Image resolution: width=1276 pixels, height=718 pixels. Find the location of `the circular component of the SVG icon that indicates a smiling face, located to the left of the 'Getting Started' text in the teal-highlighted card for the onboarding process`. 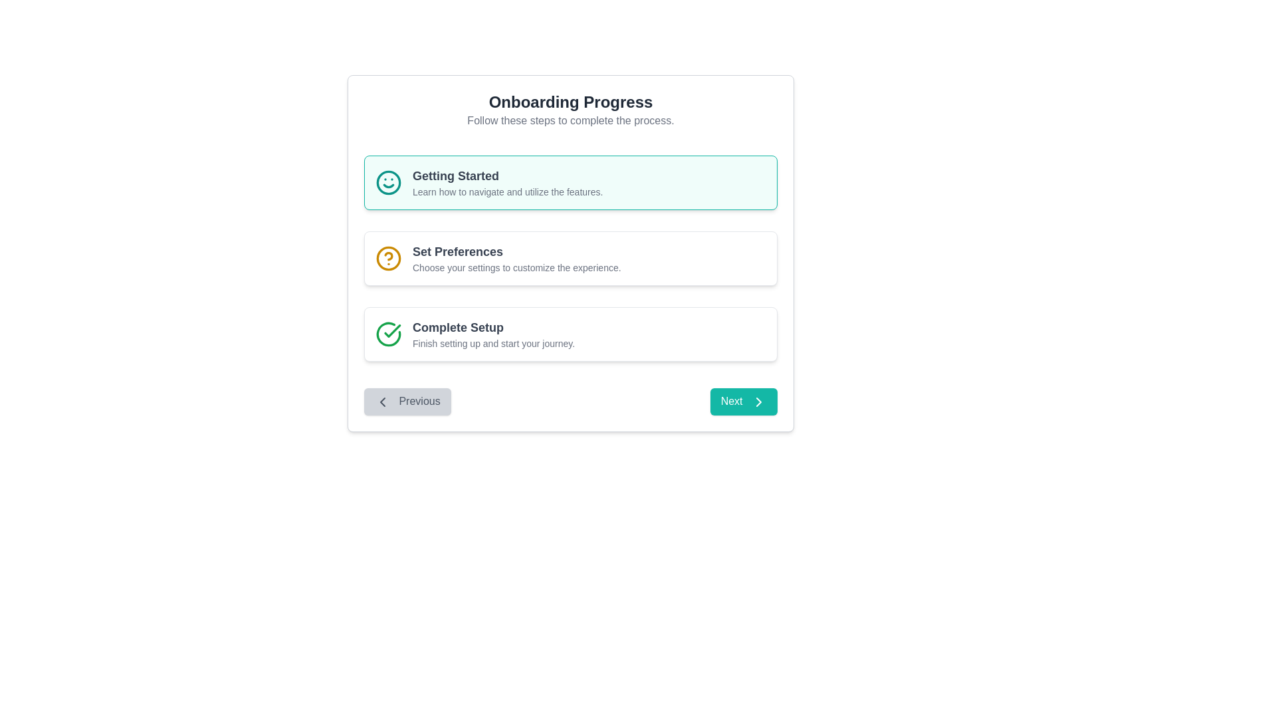

the circular component of the SVG icon that indicates a smiling face, located to the left of the 'Getting Started' text in the teal-highlighted card for the onboarding process is located at coordinates (388, 182).